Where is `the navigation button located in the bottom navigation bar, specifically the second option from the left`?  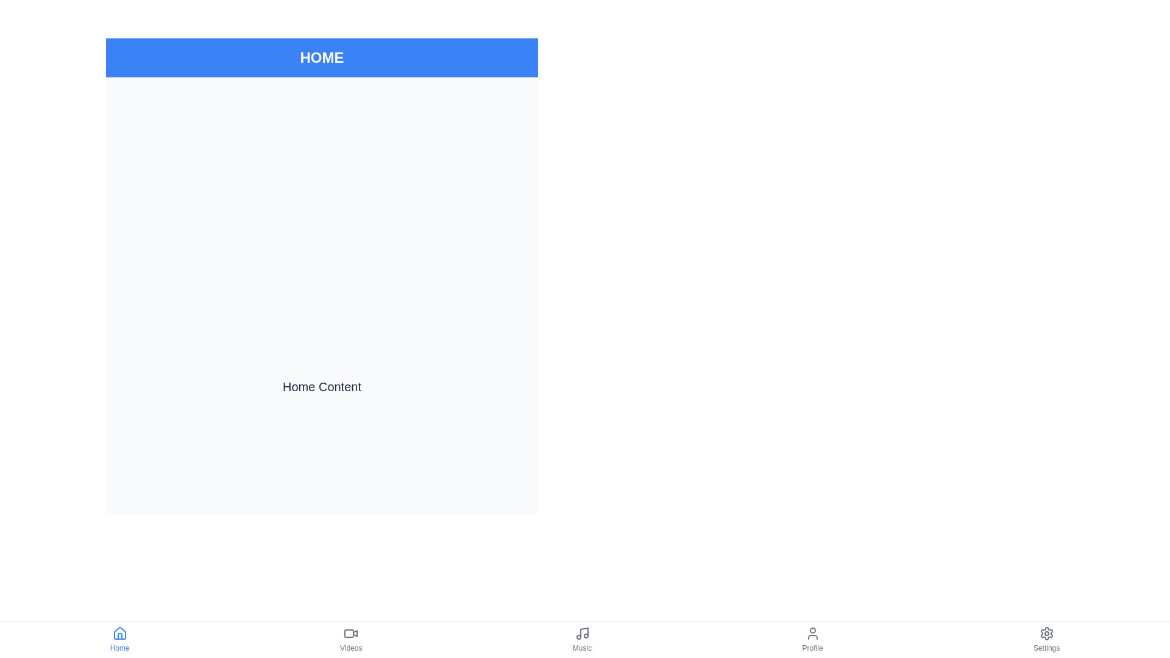
the navigation button located in the bottom navigation bar, specifically the second option from the left is located at coordinates (350, 639).